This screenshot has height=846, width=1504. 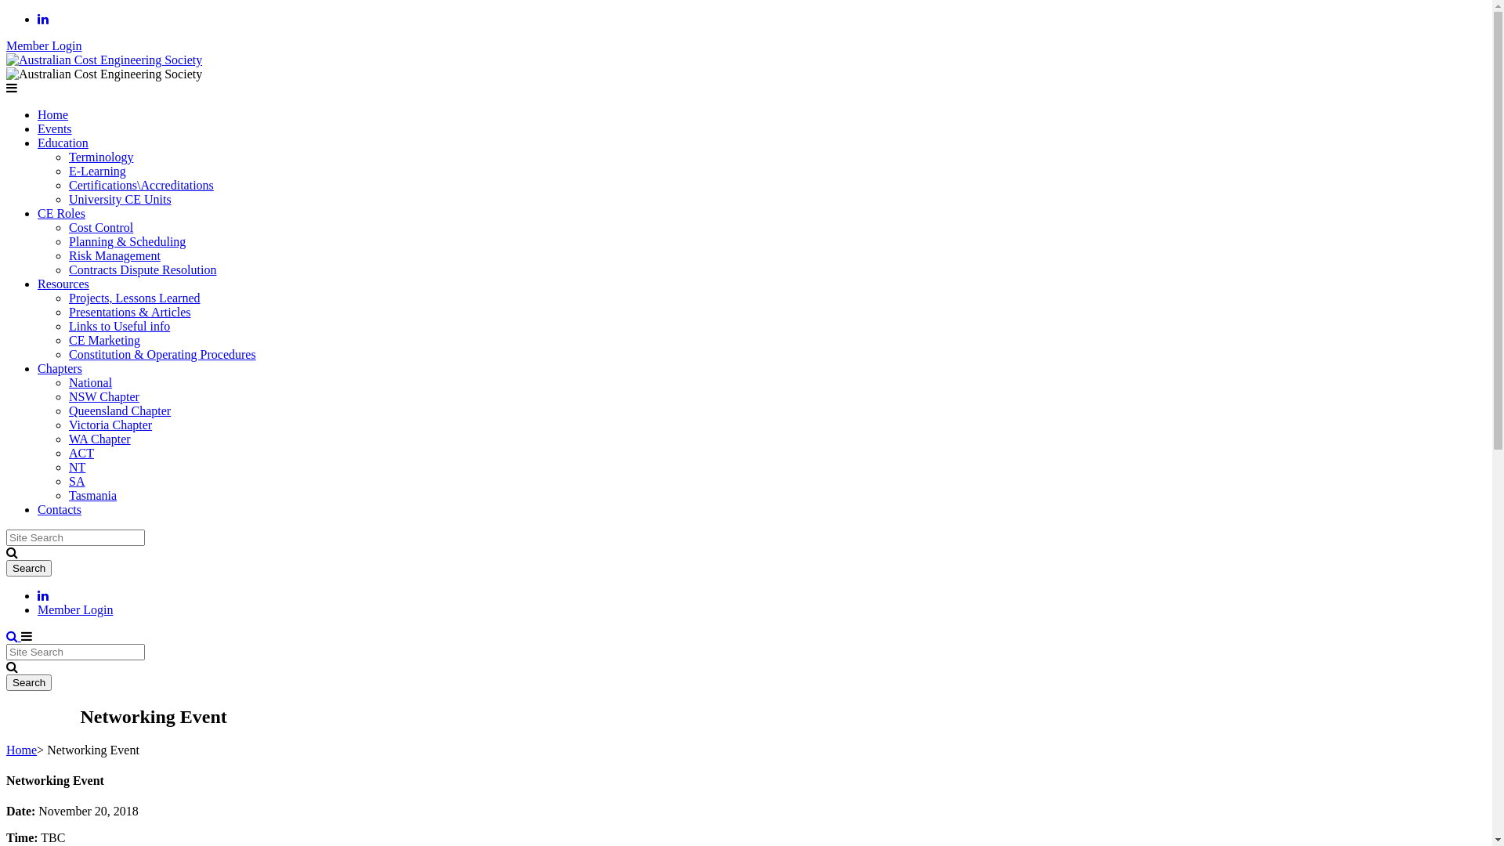 I want to click on 'Constitution & Operating Procedures', so click(x=162, y=354).